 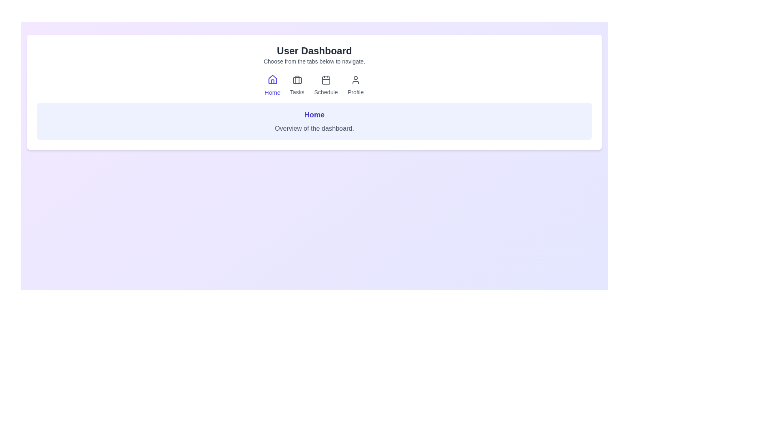 What do you see at coordinates (314, 86) in the screenshot?
I see `the Navigation menu tabs in the User Dashboard` at bounding box center [314, 86].